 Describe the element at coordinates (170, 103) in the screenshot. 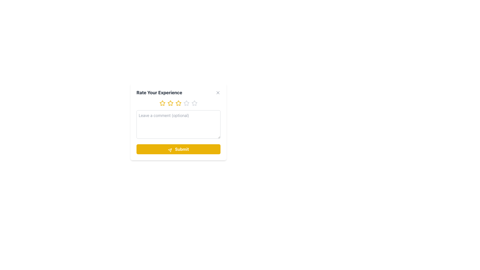

I see `the second star icon used for rating in the user feedback system, located beneath the title 'Rate Your Experience' and above the text input box` at that location.